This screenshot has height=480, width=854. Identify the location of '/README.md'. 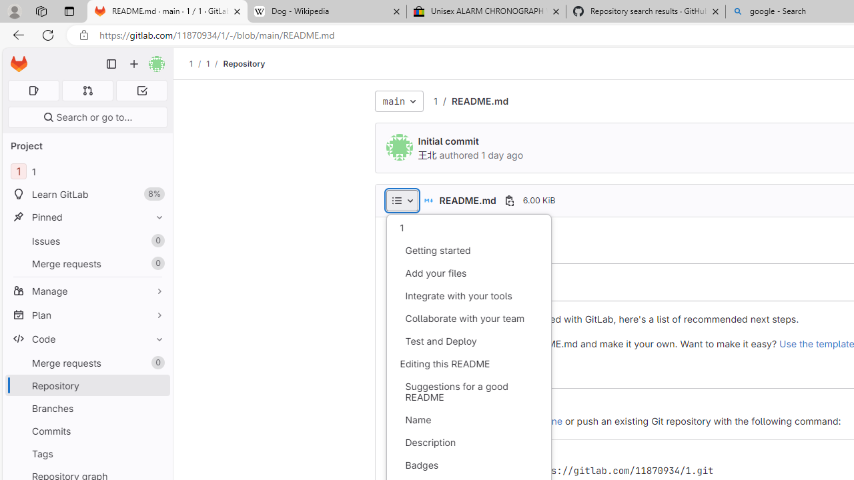
(473, 100).